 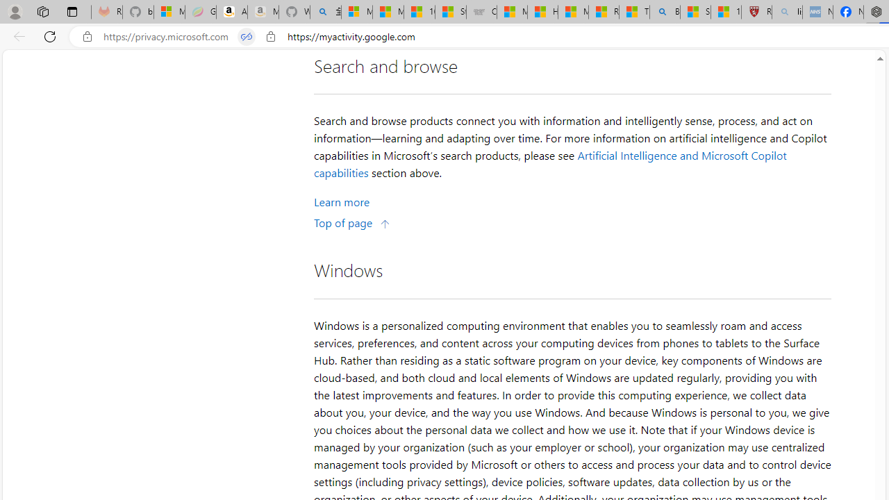 What do you see at coordinates (42, 11) in the screenshot?
I see `'Workspaces'` at bounding box center [42, 11].